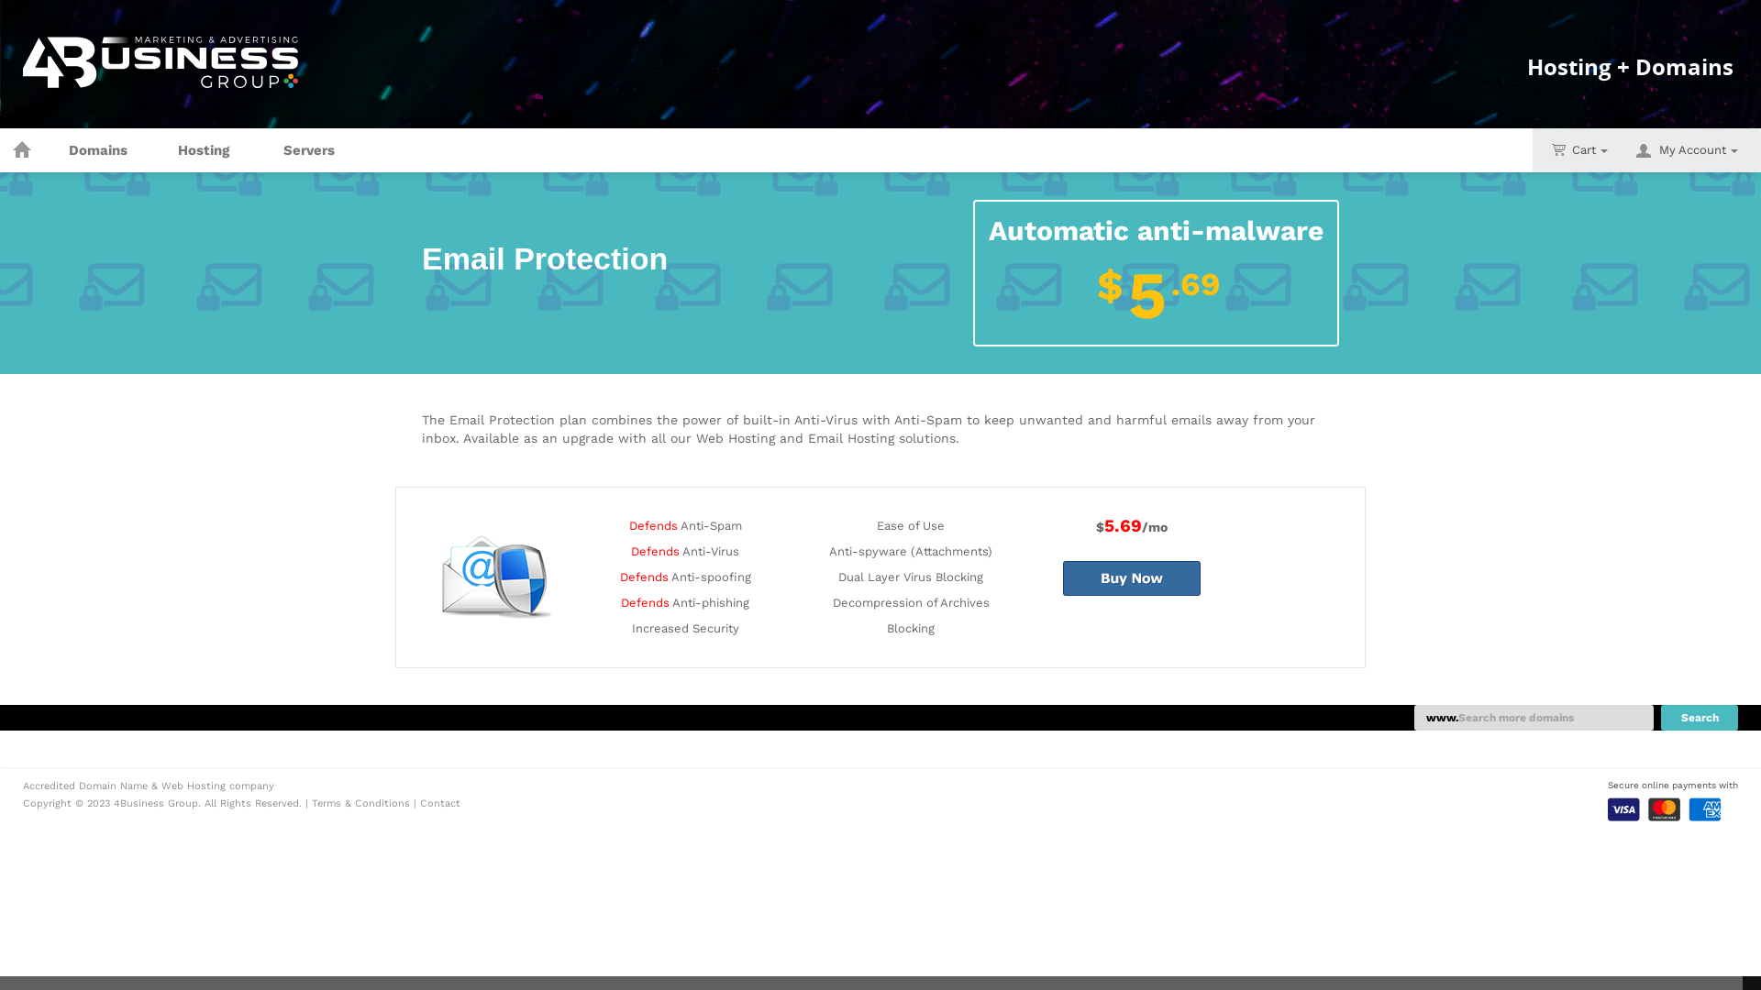 The height and width of the screenshot is (990, 1761). What do you see at coordinates (360, 802) in the screenshot?
I see `'Terms & Conditions'` at bounding box center [360, 802].